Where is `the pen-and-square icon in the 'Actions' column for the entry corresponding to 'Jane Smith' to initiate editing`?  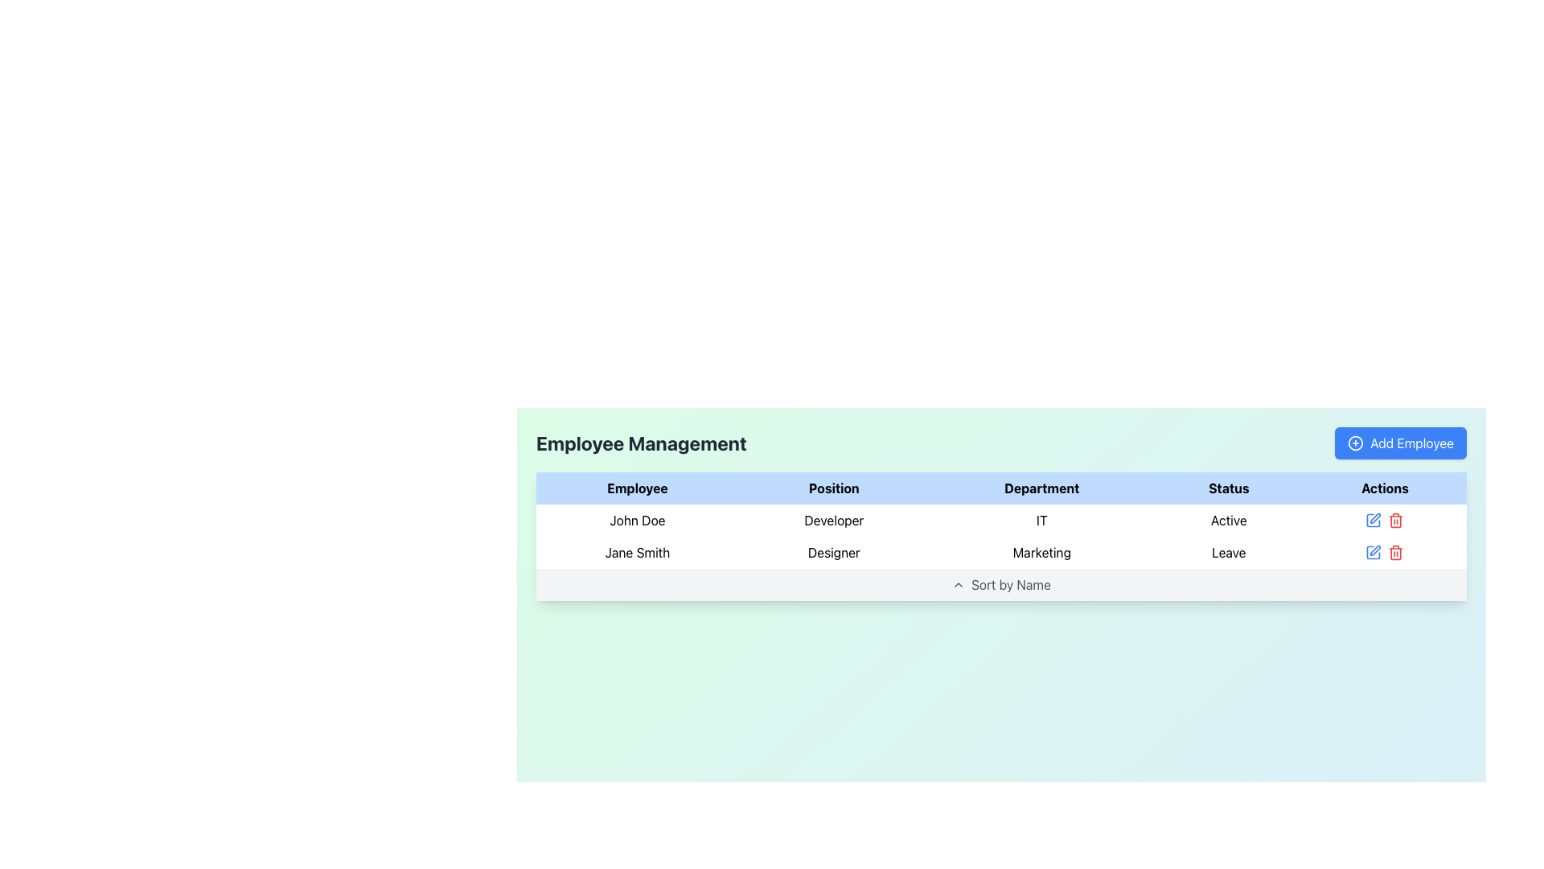
the pen-and-square icon in the 'Actions' column for the entry corresponding to 'Jane Smith' to initiate editing is located at coordinates (1373, 521).